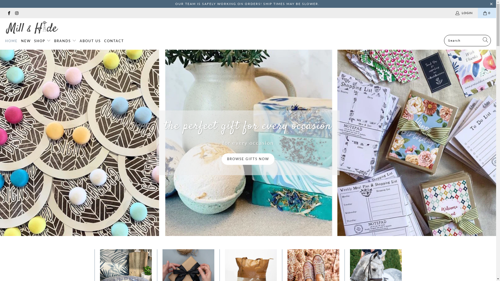  I want to click on '0', so click(487, 13).